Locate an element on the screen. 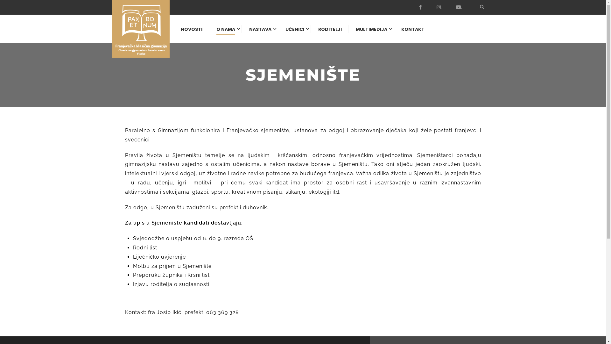 The image size is (611, 344). '.' is located at coordinates (439, 7).